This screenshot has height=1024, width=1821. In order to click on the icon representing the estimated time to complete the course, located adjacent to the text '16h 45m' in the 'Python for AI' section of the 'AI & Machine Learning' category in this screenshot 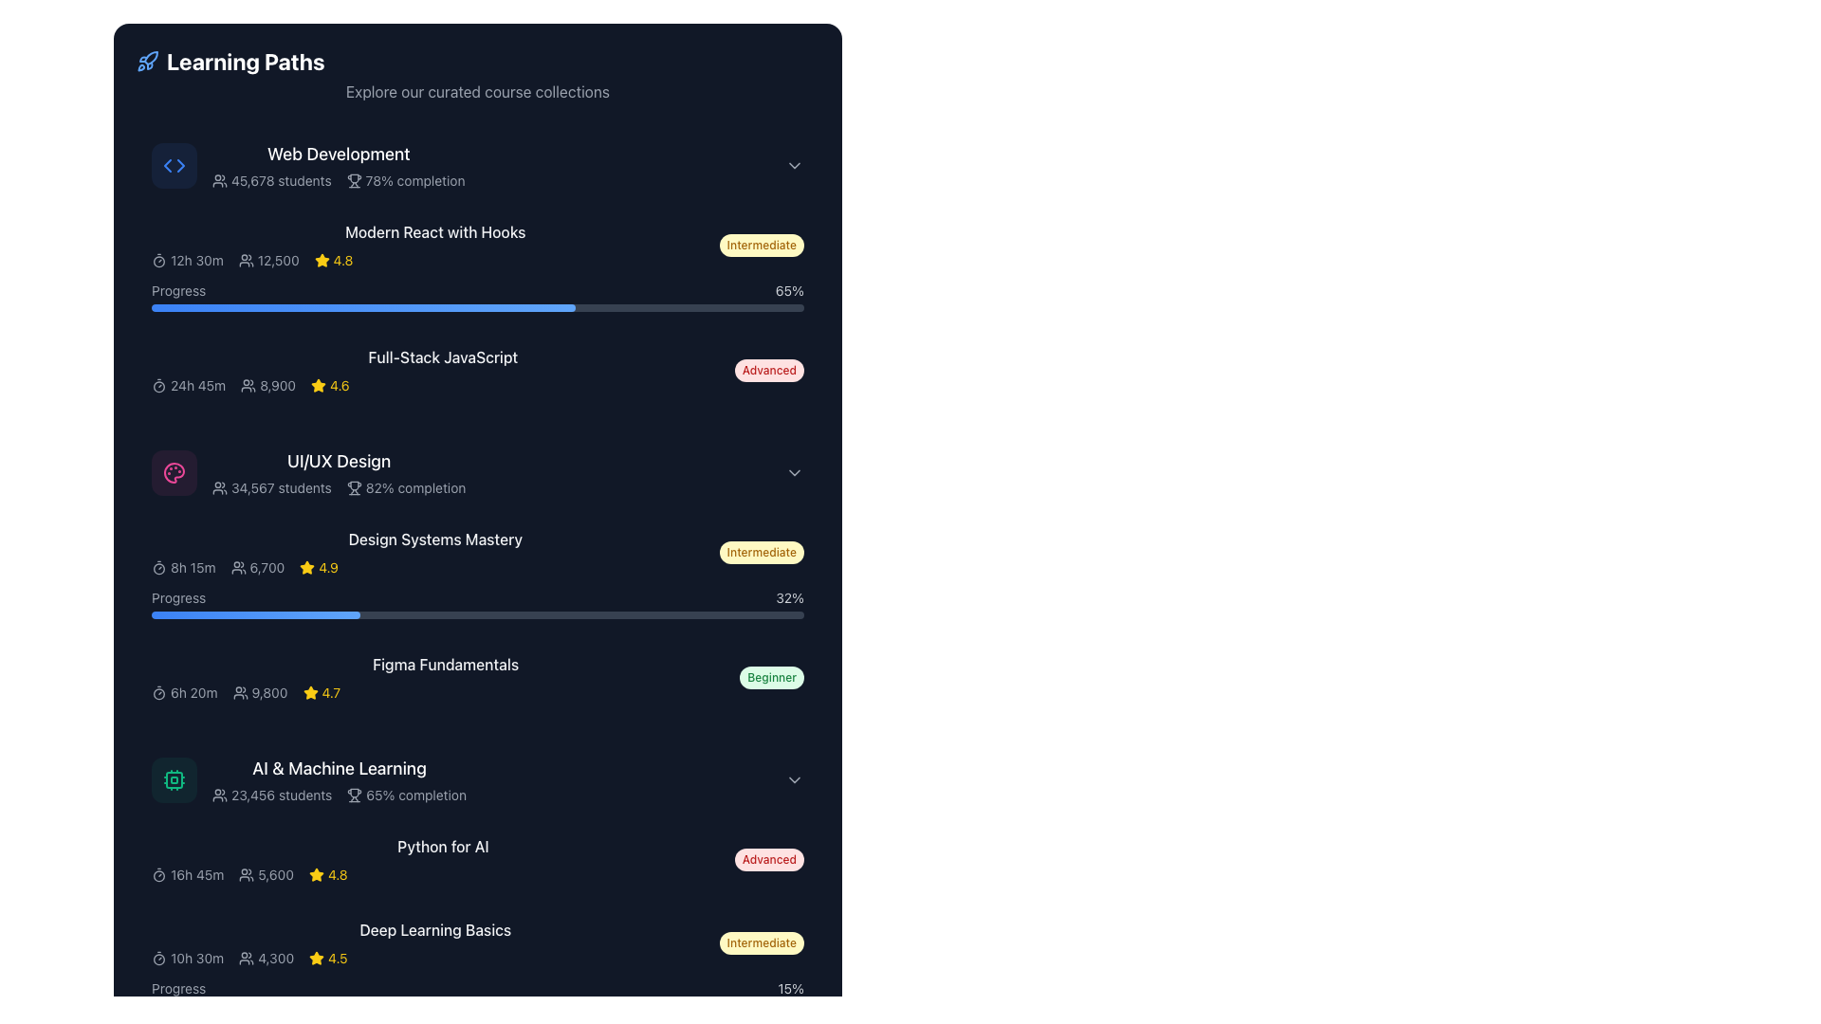, I will do `click(159, 874)`.